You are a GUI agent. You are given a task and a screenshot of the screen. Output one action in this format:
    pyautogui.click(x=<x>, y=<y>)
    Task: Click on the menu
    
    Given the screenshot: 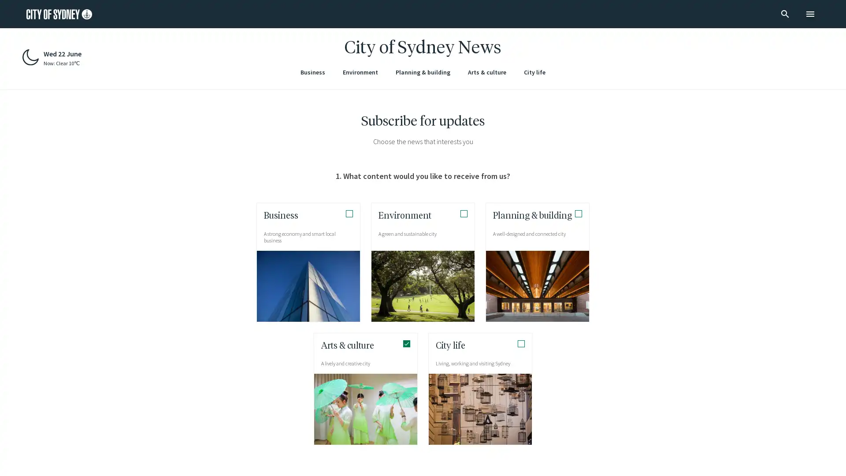 What is the action you would take?
    pyautogui.click(x=810, y=14)
    